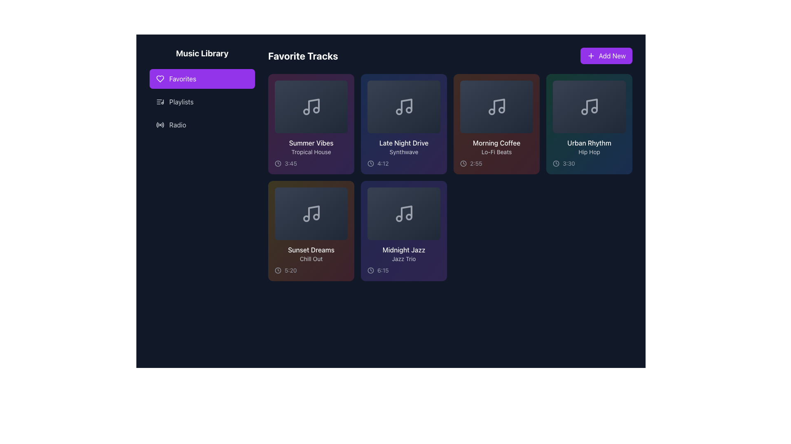  What do you see at coordinates (311, 124) in the screenshot?
I see `the 'Summer Vibes' music track card in the 'Favorite Tracks' section` at bounding box center [311, 124].